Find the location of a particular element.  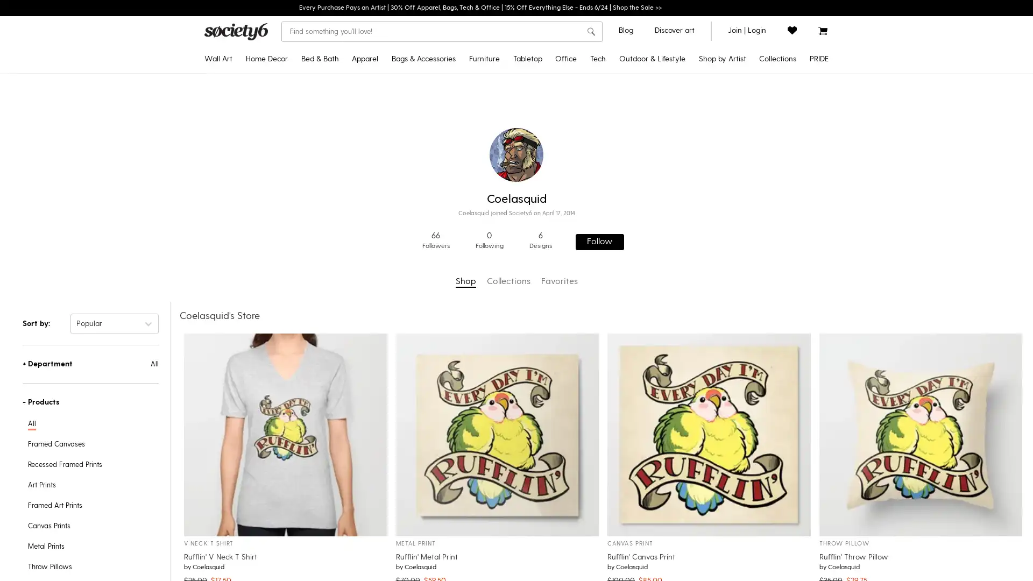

Wine Chillers is located at coordinates (666, 208).